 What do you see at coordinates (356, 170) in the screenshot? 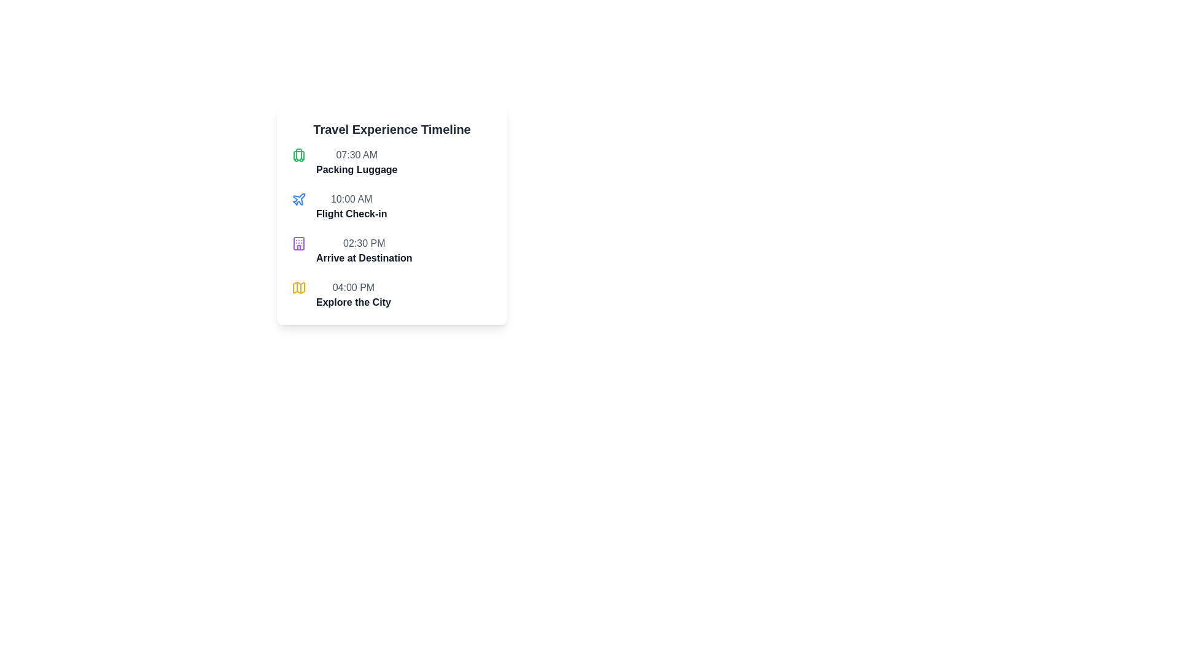
I see `the text label displaying 'Packing Luggage', which is styled in bold dark gray and located below the time indicator '07:30 AM' in the 'Travel Experience Timeline'` at bounding box center [356, 170].